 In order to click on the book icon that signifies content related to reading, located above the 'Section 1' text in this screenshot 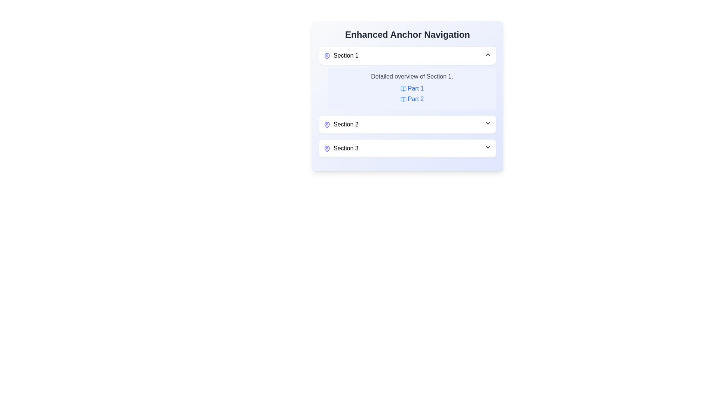, I will do `click(403, 88)`.